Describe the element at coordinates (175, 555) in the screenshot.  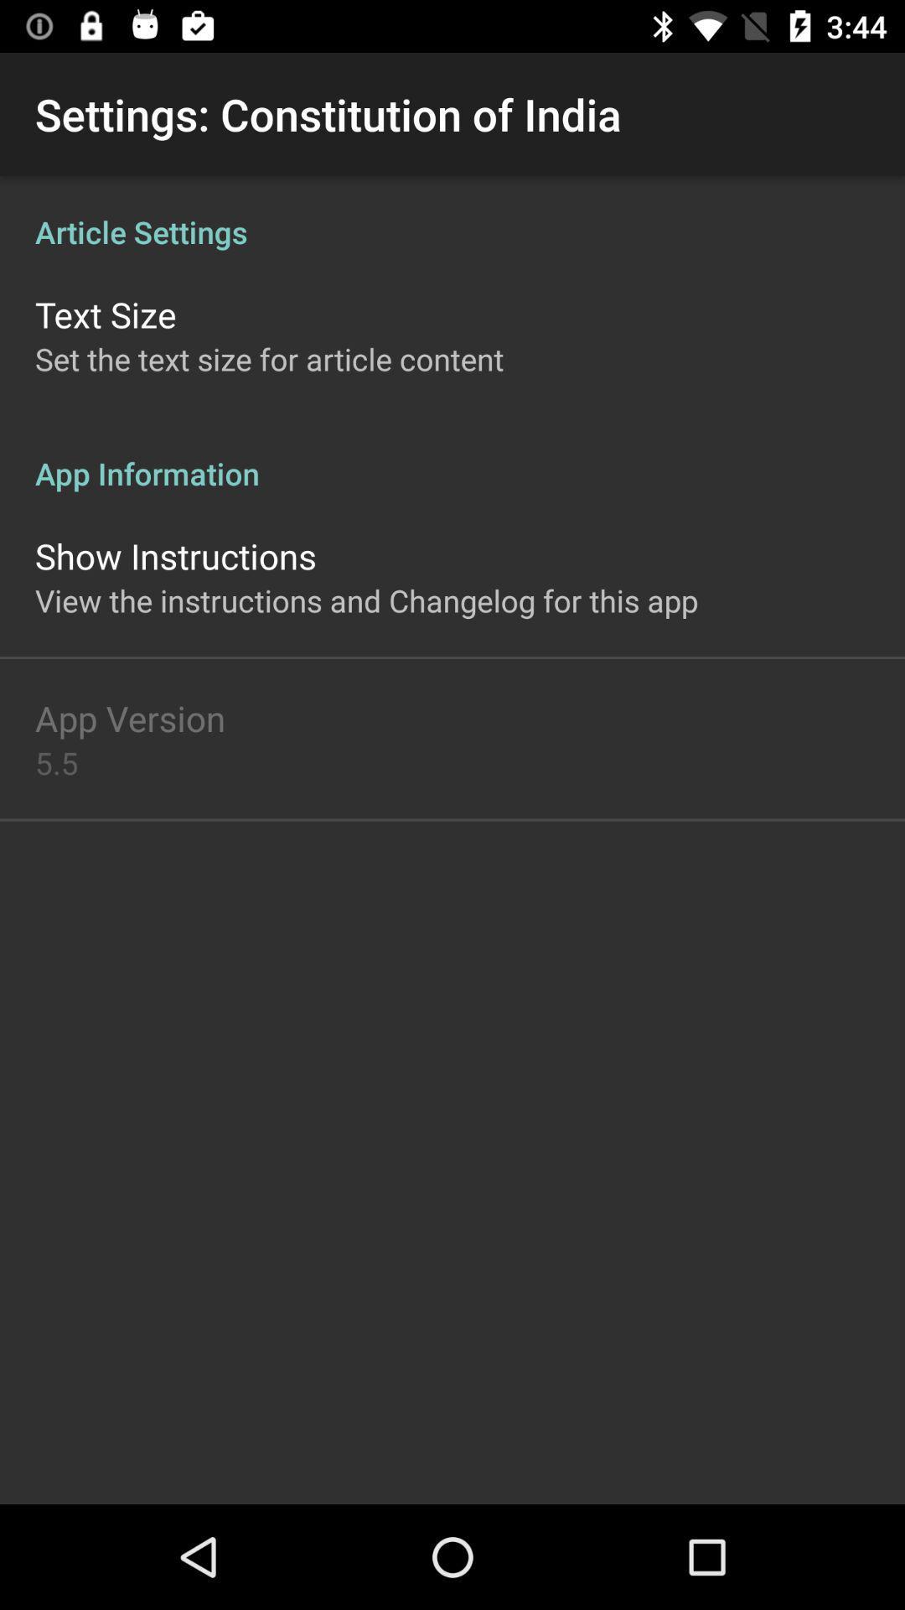
I see `the show instructions item` at that location.